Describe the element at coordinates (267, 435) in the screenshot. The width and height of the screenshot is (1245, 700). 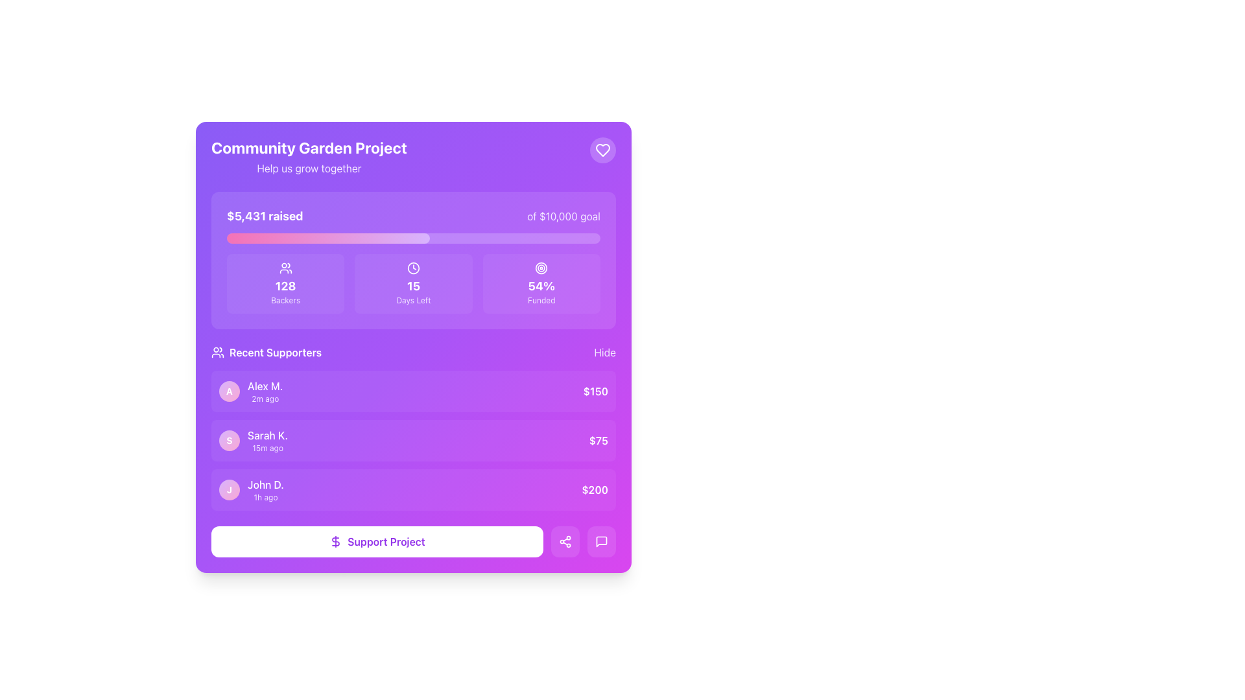
I see `text label displaying the name 'Sarah K.' which is part of the 'Recent Supporters' section, specifically the second item listed` at that location.